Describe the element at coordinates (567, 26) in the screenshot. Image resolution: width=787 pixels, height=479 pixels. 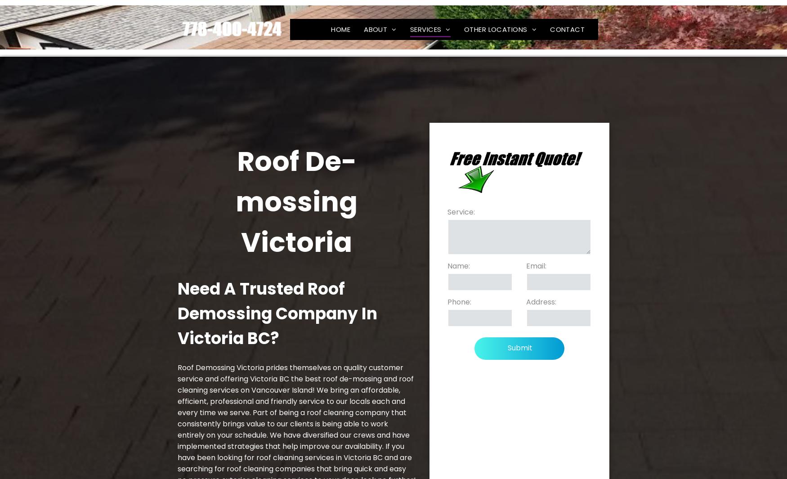
I see `'CONTACT'` at that location.